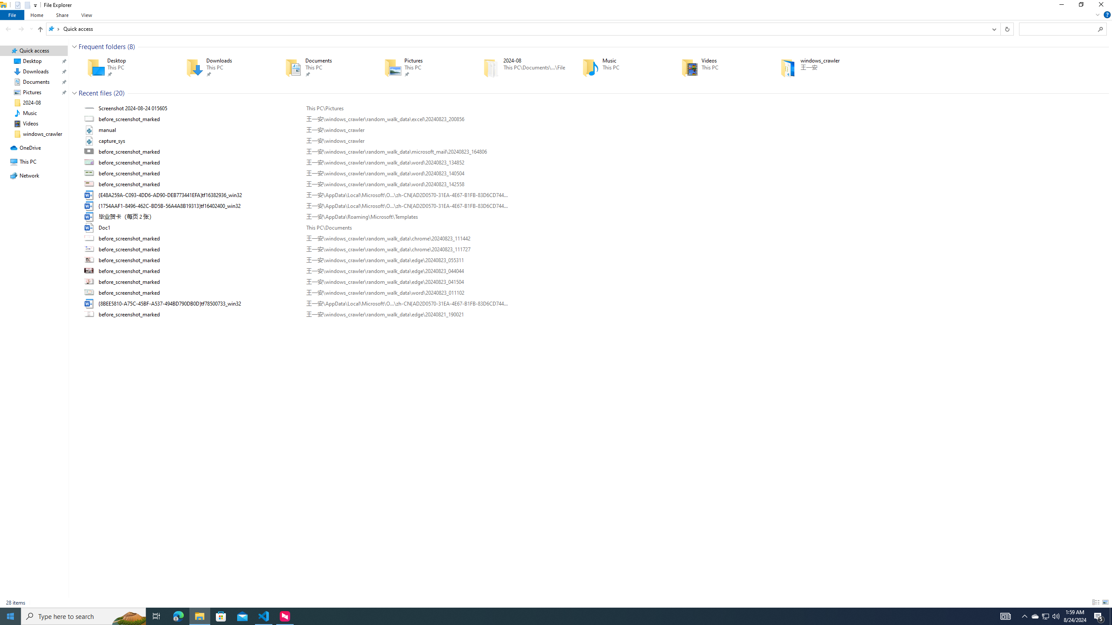 The height and width of the screenshot is (625, 1112). Describe the element at coordinates (18, 28) in the screenshot. I see `'Navigation buttons'` at that location.